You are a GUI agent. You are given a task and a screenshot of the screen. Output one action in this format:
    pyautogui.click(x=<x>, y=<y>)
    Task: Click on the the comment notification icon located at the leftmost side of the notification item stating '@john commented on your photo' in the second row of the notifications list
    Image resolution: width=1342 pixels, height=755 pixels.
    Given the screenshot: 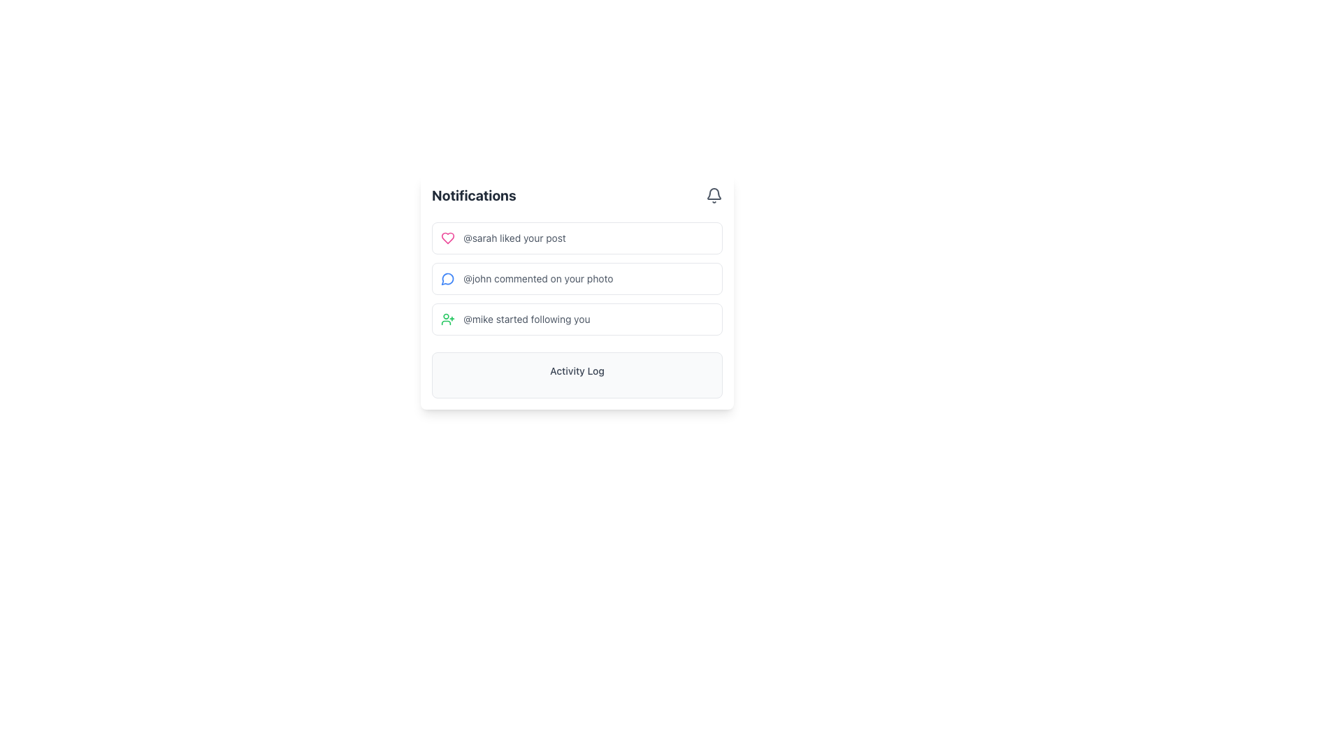 What is the action you would take?
    pyautogui.click(x=448, y=278)
    